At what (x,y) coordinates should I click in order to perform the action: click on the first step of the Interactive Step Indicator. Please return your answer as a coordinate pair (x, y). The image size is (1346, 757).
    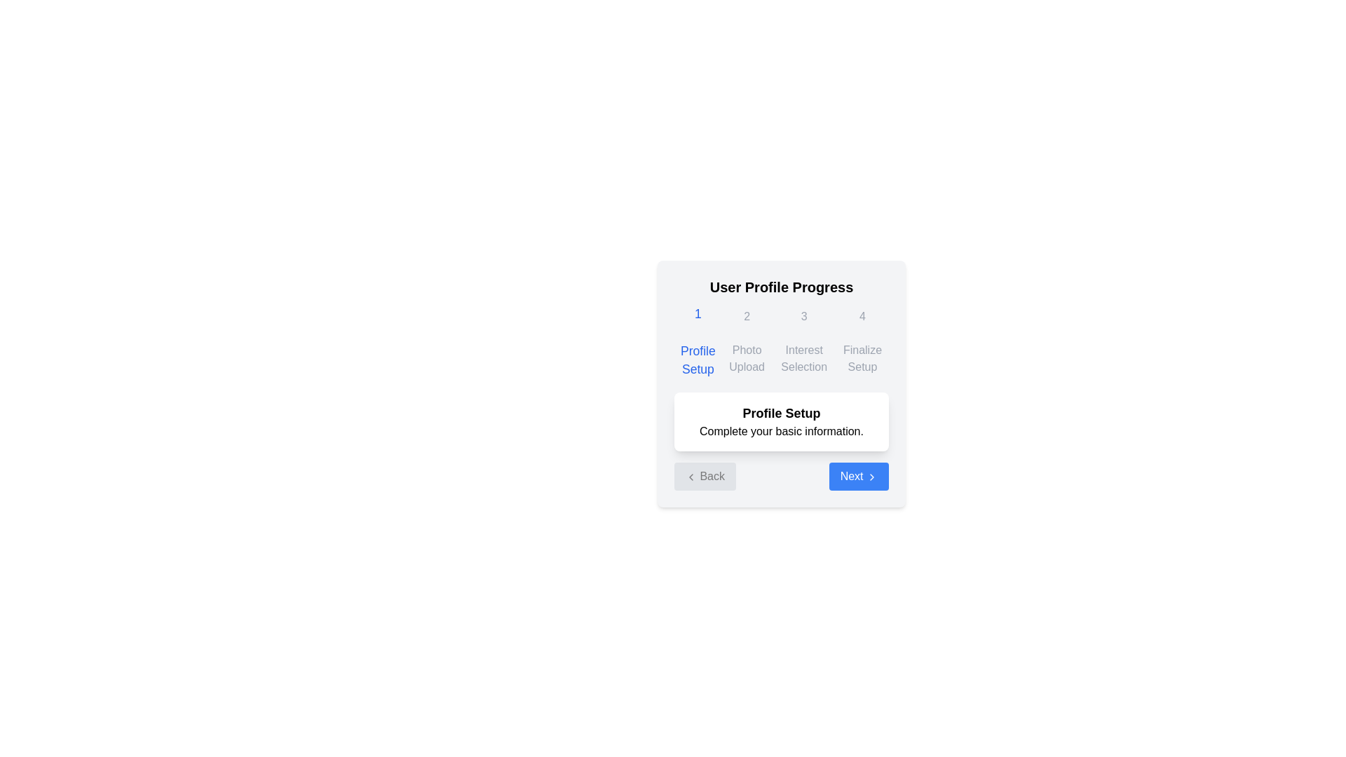
    Looking at the image, I should click on (698, 320).